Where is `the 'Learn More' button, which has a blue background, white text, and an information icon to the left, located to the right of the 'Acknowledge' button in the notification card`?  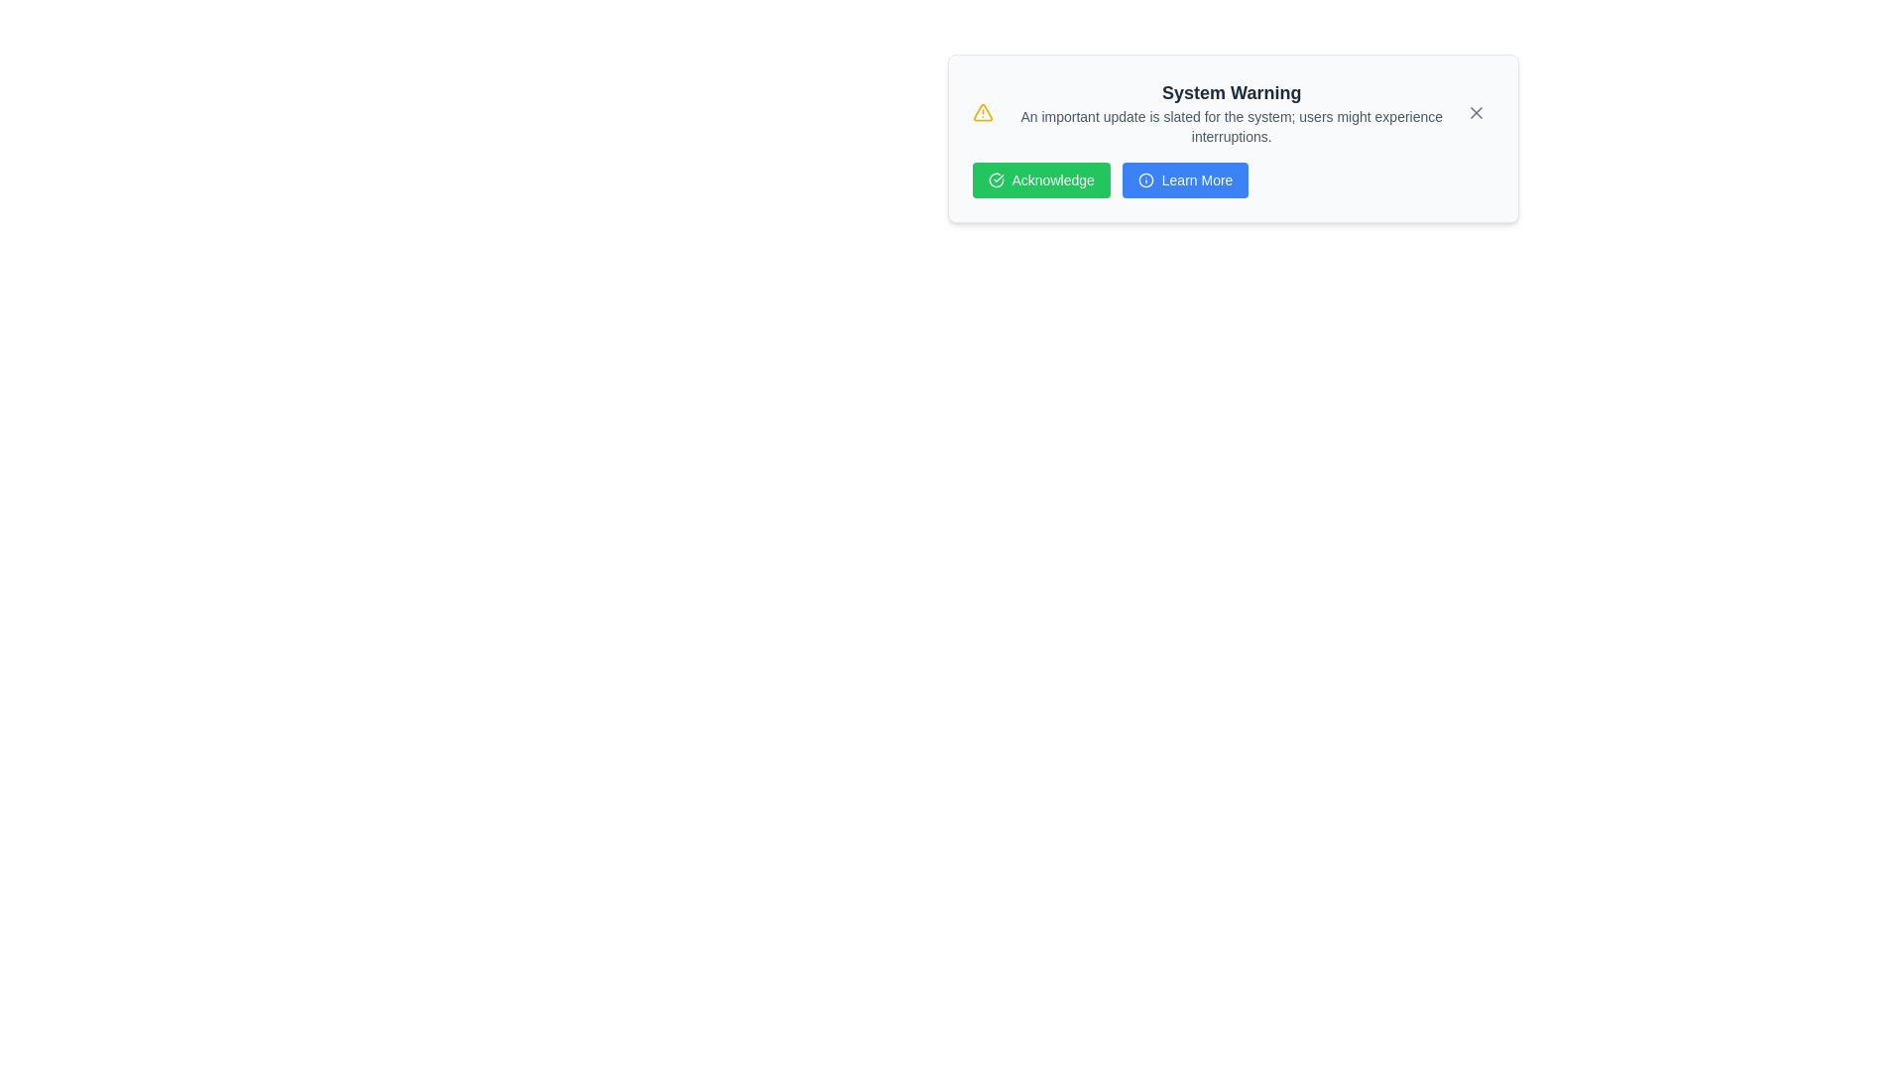
the 'Learn More' button, which has a blue background, white text, and an information icon to the left, located to the right of the 'Acknowledge' button in the notification card is located at coordinates (1185, 179).